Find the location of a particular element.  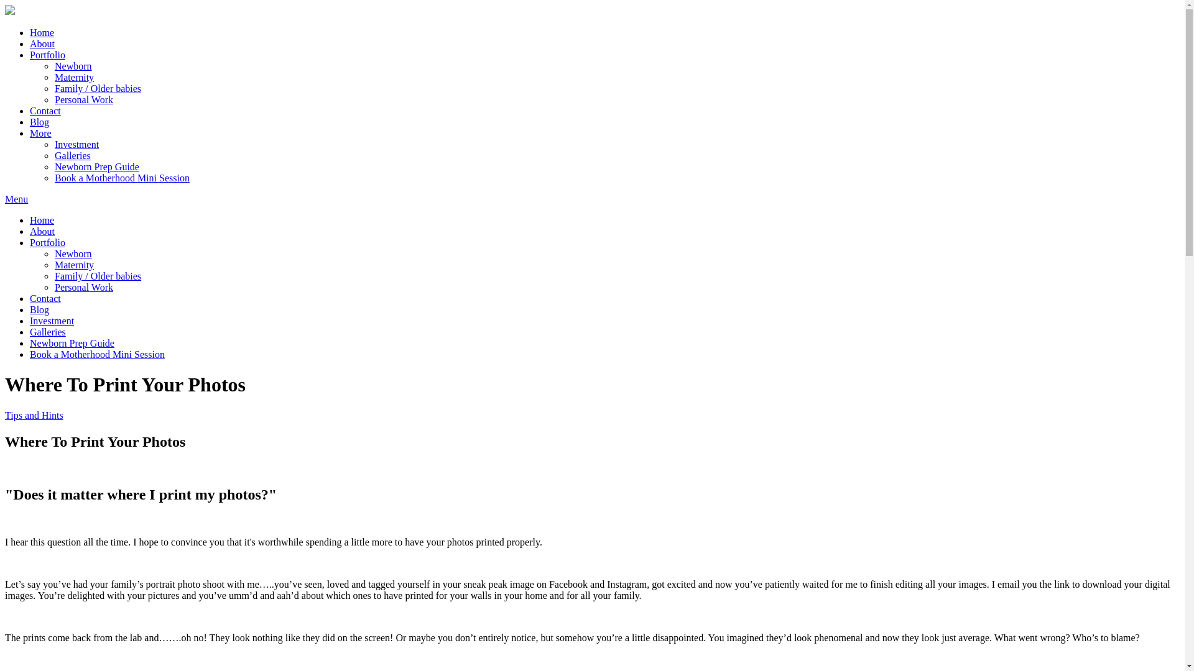

'Galleries' is located at coordinates (47, 331).